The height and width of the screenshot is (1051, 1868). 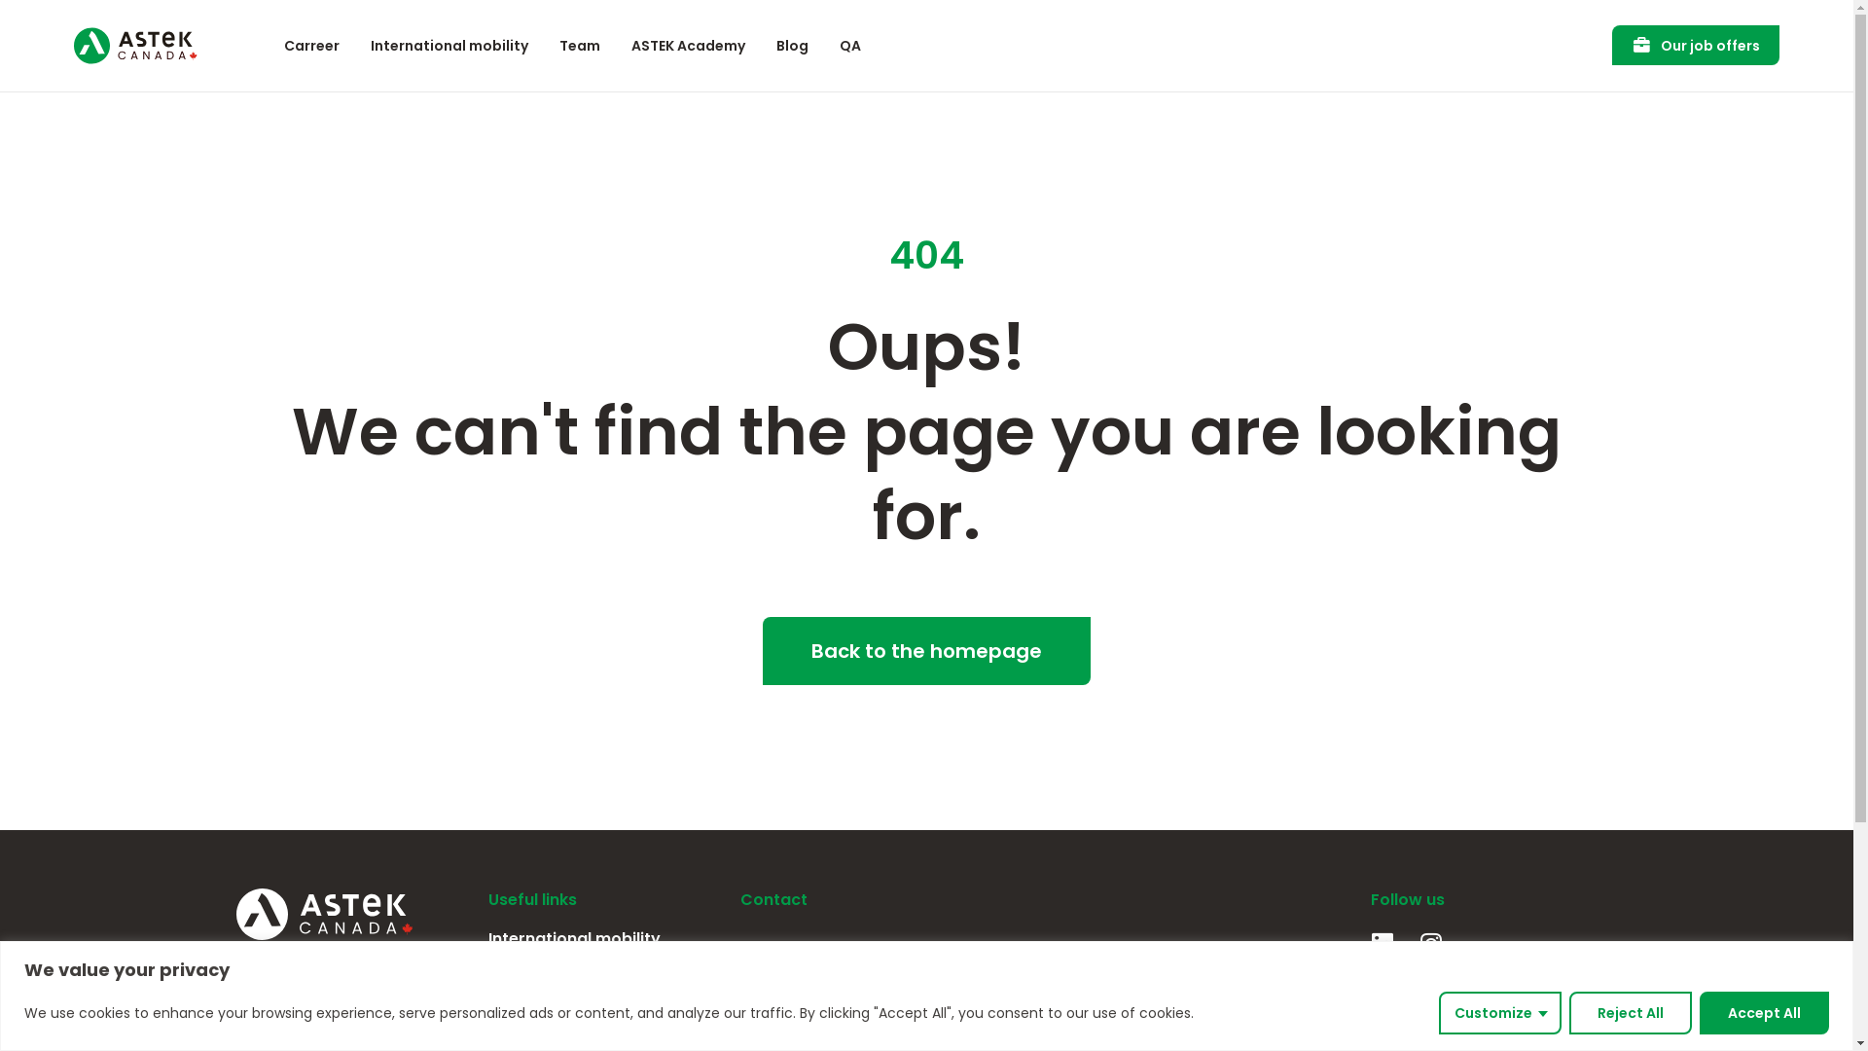 I want to click on '180 John Street, M5T 1X5, Toronto, Ontario', so click(x=1125, y=987).